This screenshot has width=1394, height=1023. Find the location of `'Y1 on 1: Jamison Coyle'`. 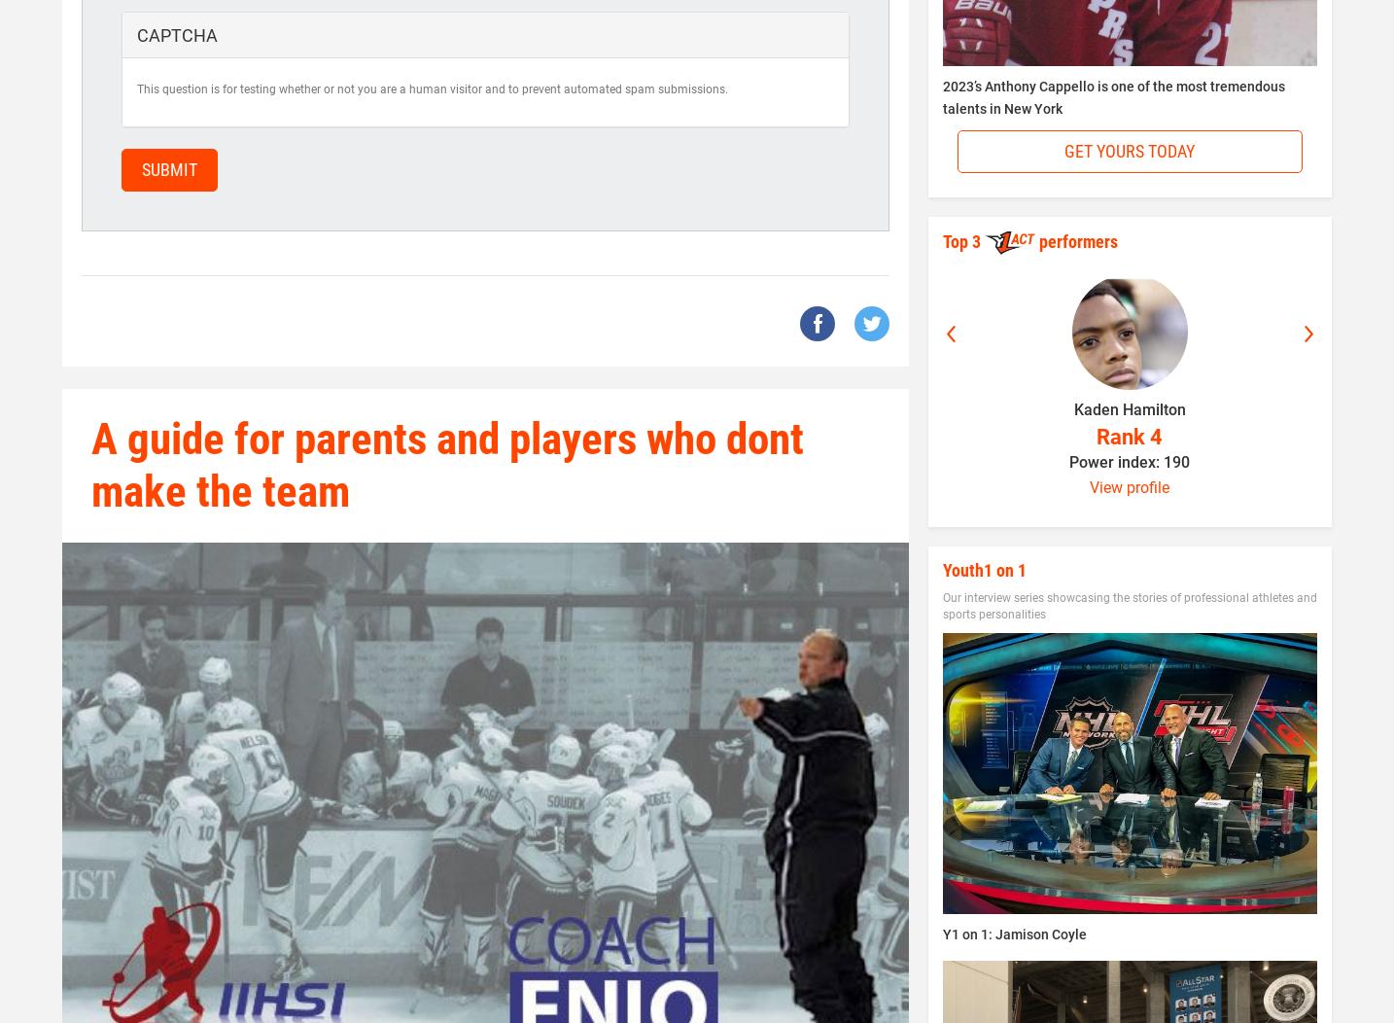

'Y1 on 1: Jamison Coyle' is located at coordinates (1012, 934).